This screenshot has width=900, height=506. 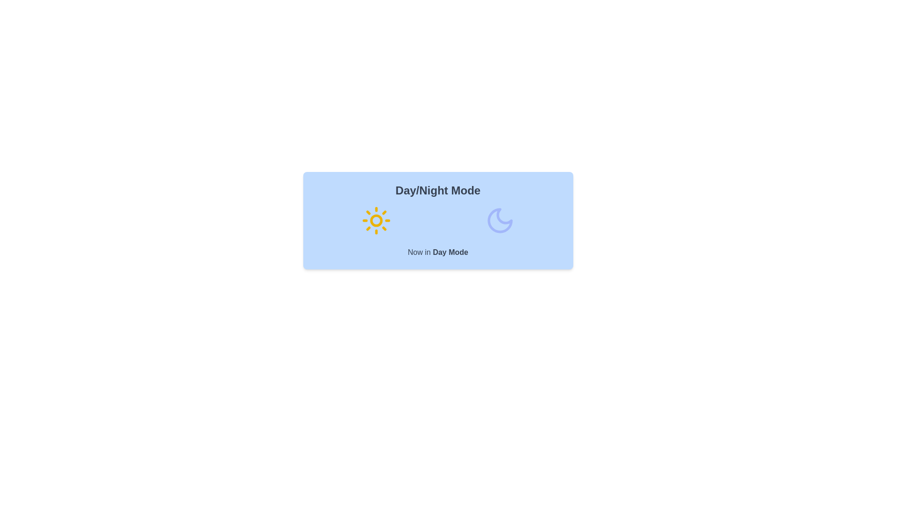 I want to click on the Sun icon to trigger its animation, so click(x=376, y=220).